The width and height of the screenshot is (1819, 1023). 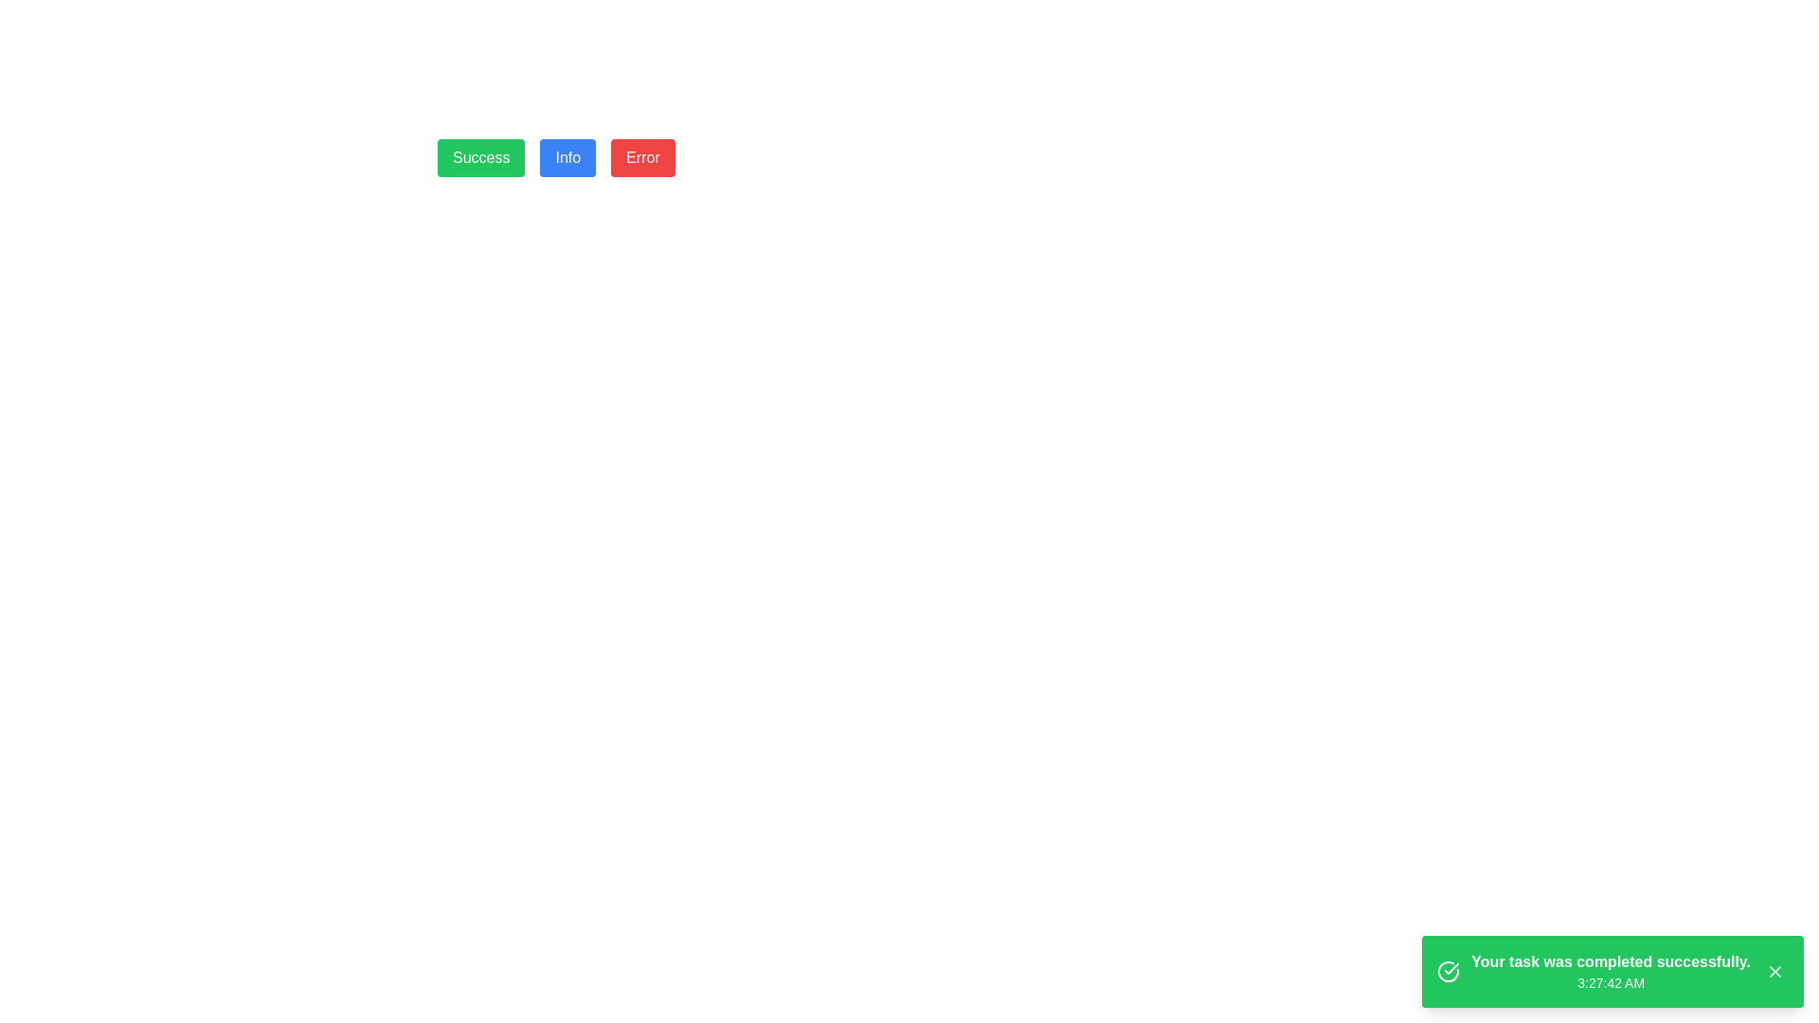 I want to click on the compact, square-shaped button with an 'X' icon located in the bottom-right corner of the green notification box, so click(x=1774, y=972).